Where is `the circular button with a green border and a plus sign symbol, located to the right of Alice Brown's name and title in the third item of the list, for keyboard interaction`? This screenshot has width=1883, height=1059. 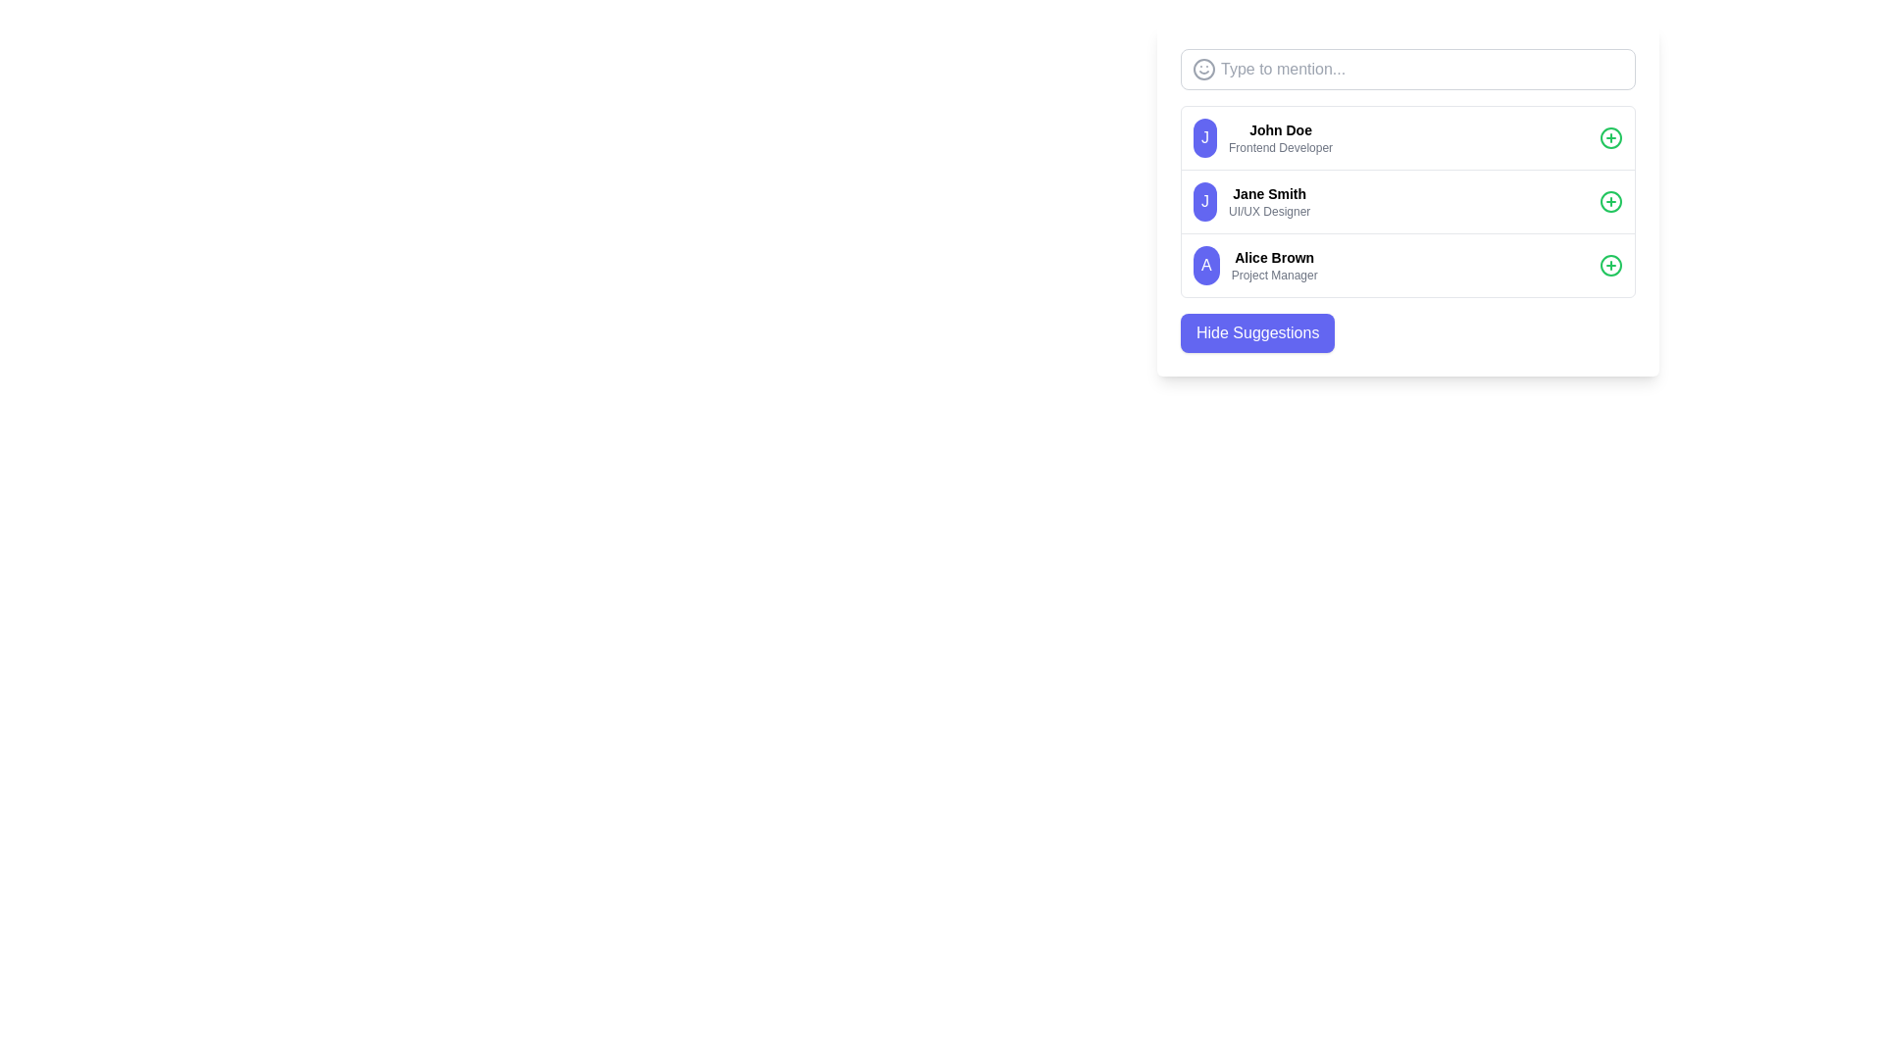 the circular button with a green border and a plus sign symbol, located to the right of Alice Brown's name and title in the third item of the list, for keyboard interaction is located at coordinates (1610, 265).